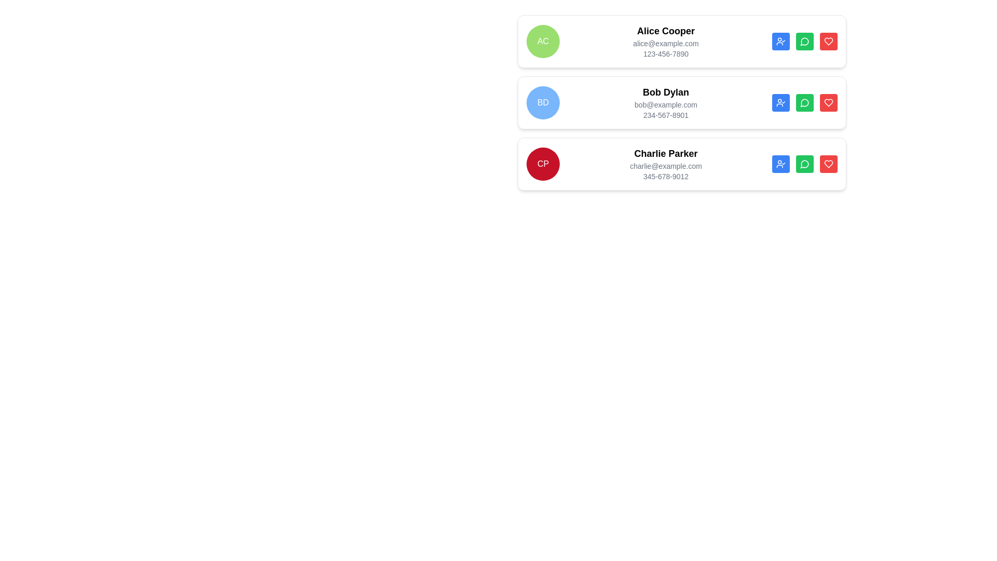 The image size is (997, 561). Describe the element at coordinates (780, 102) in the screenshot. I see `the user confirmation icon (blue background with a white checkmark) located in the first action button next to 'Bob Dylan' in the actions section of the second list item` at that location.